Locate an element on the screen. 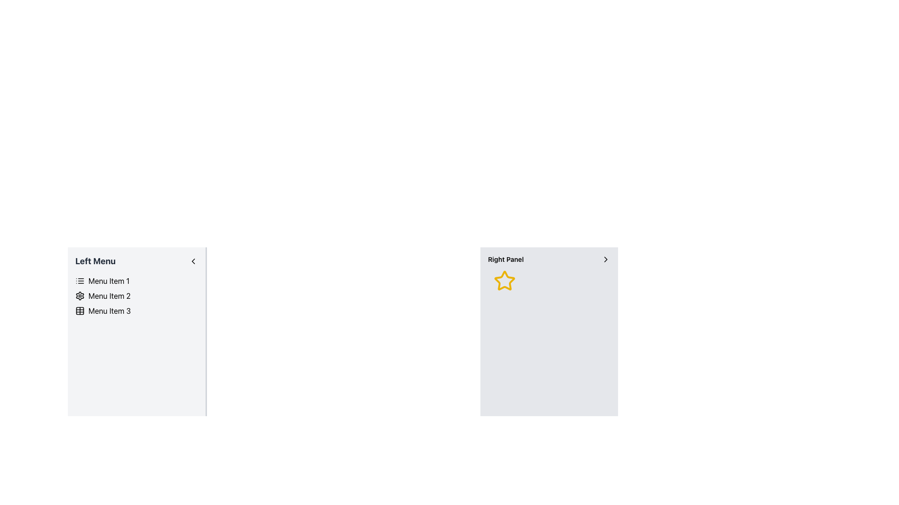  the first menu item labeled 'Menu Item 1' in the vertical menu list, which is positioned directly below the 'Left Menu' heading is located at coordinates (136, 281).